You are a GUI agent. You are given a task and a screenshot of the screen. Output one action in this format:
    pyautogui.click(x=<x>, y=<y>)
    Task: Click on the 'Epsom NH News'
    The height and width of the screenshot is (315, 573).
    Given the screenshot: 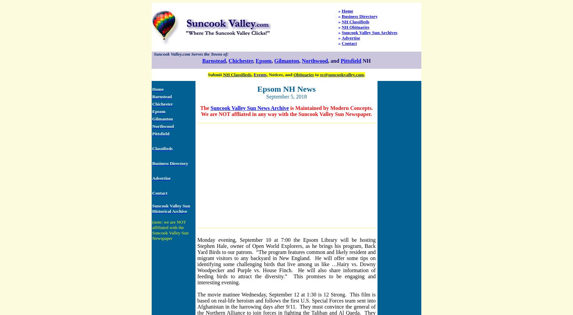 What is the action you would take?
    pyautogui.click(x=286, y=89)
    